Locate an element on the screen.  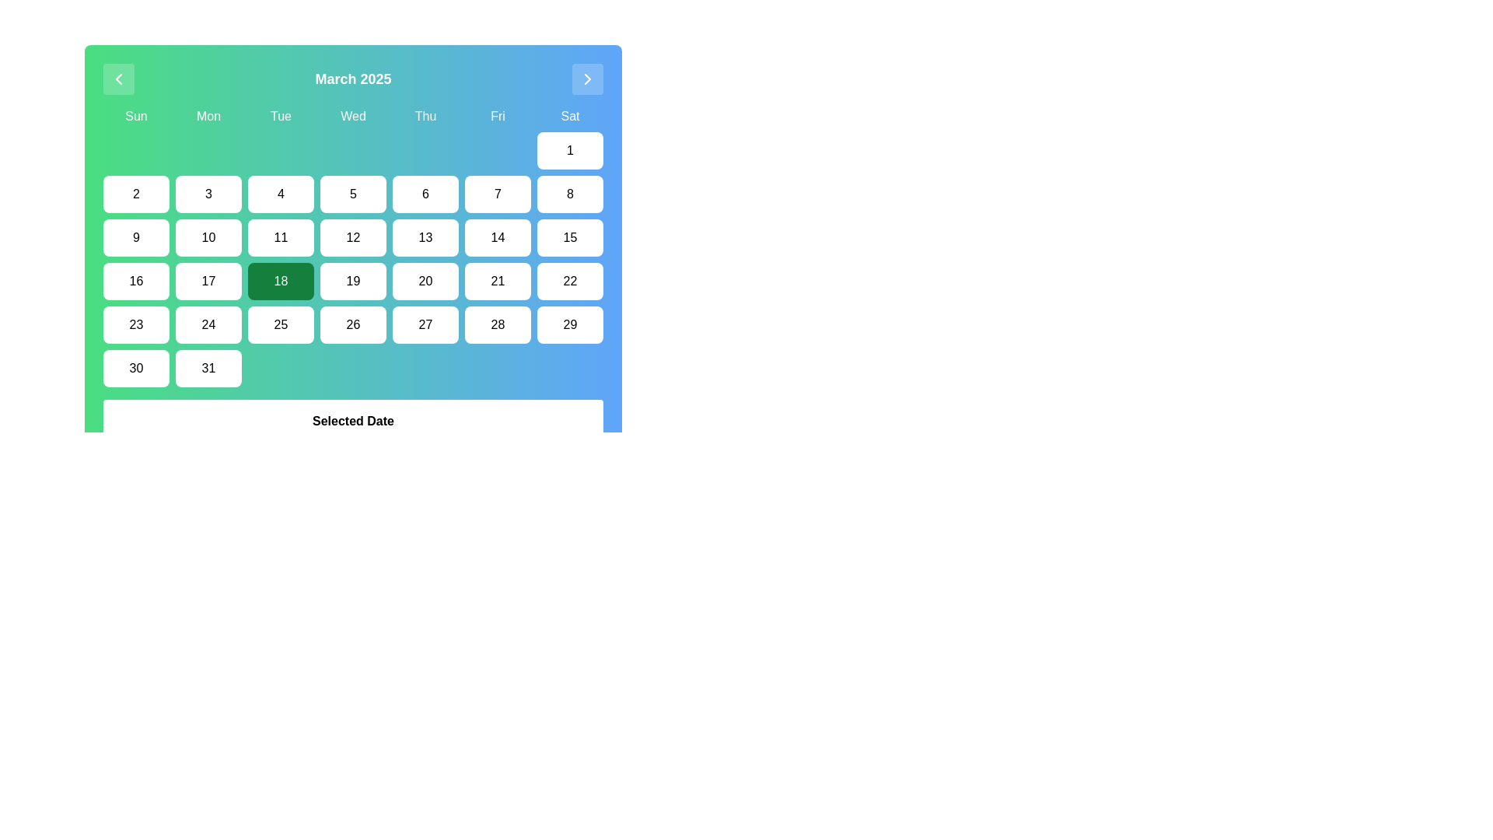
the empty placeholder status of the fifth cell in the first row of the grid, located beneath the 'Thu' column is located at coordinates (425, 150).